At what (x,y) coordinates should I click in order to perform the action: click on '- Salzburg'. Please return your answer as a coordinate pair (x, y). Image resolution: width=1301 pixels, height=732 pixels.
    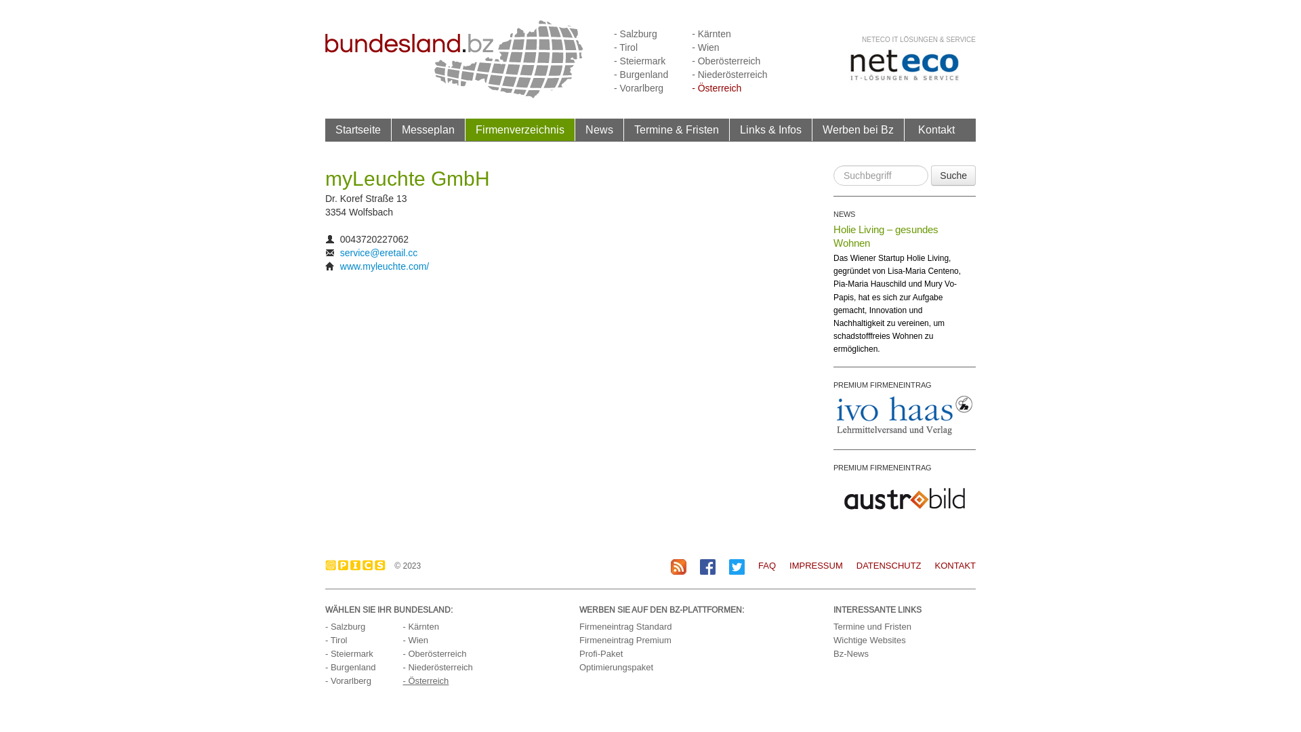
    Looking at the image, I should click on (345, 626).